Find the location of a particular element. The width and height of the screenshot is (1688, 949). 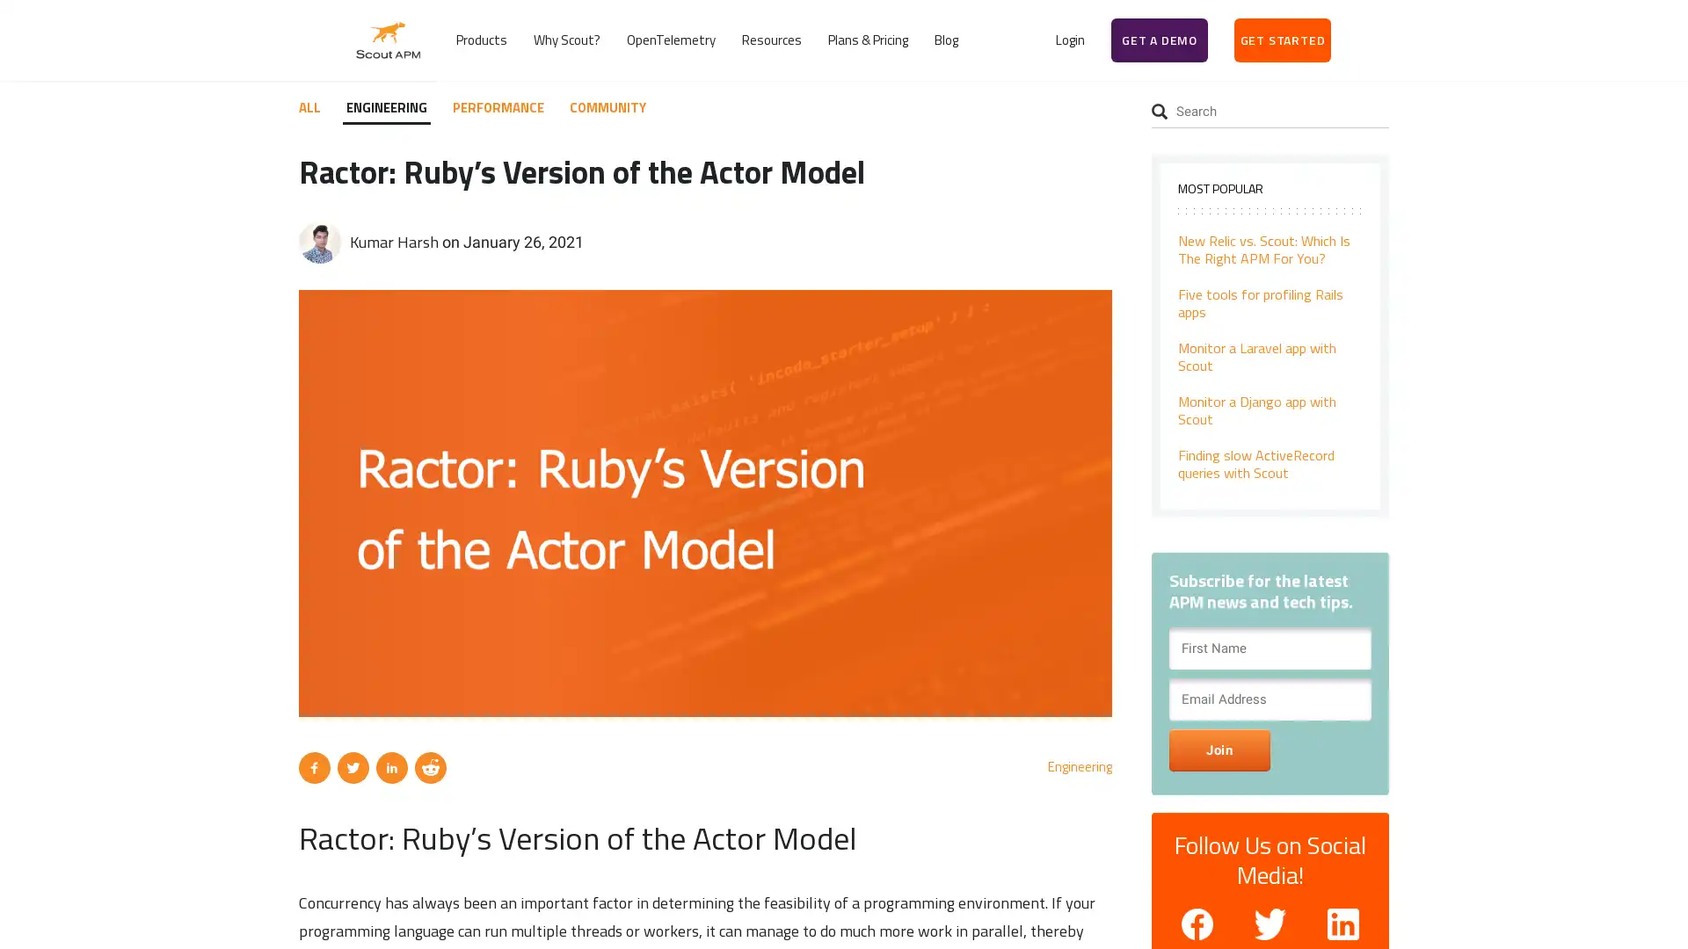

GET A DEMO is located at coordinates (1160, 40).